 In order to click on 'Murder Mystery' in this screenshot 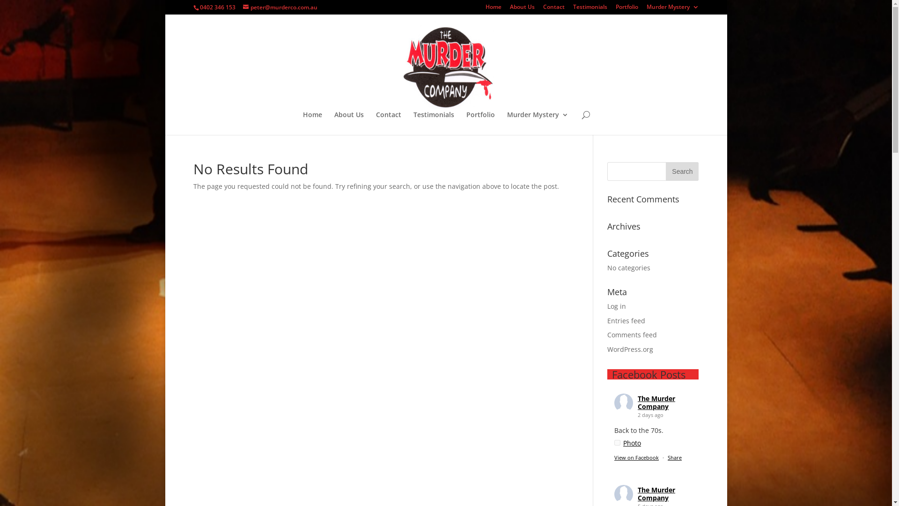, I will do `click(538, 122)`.